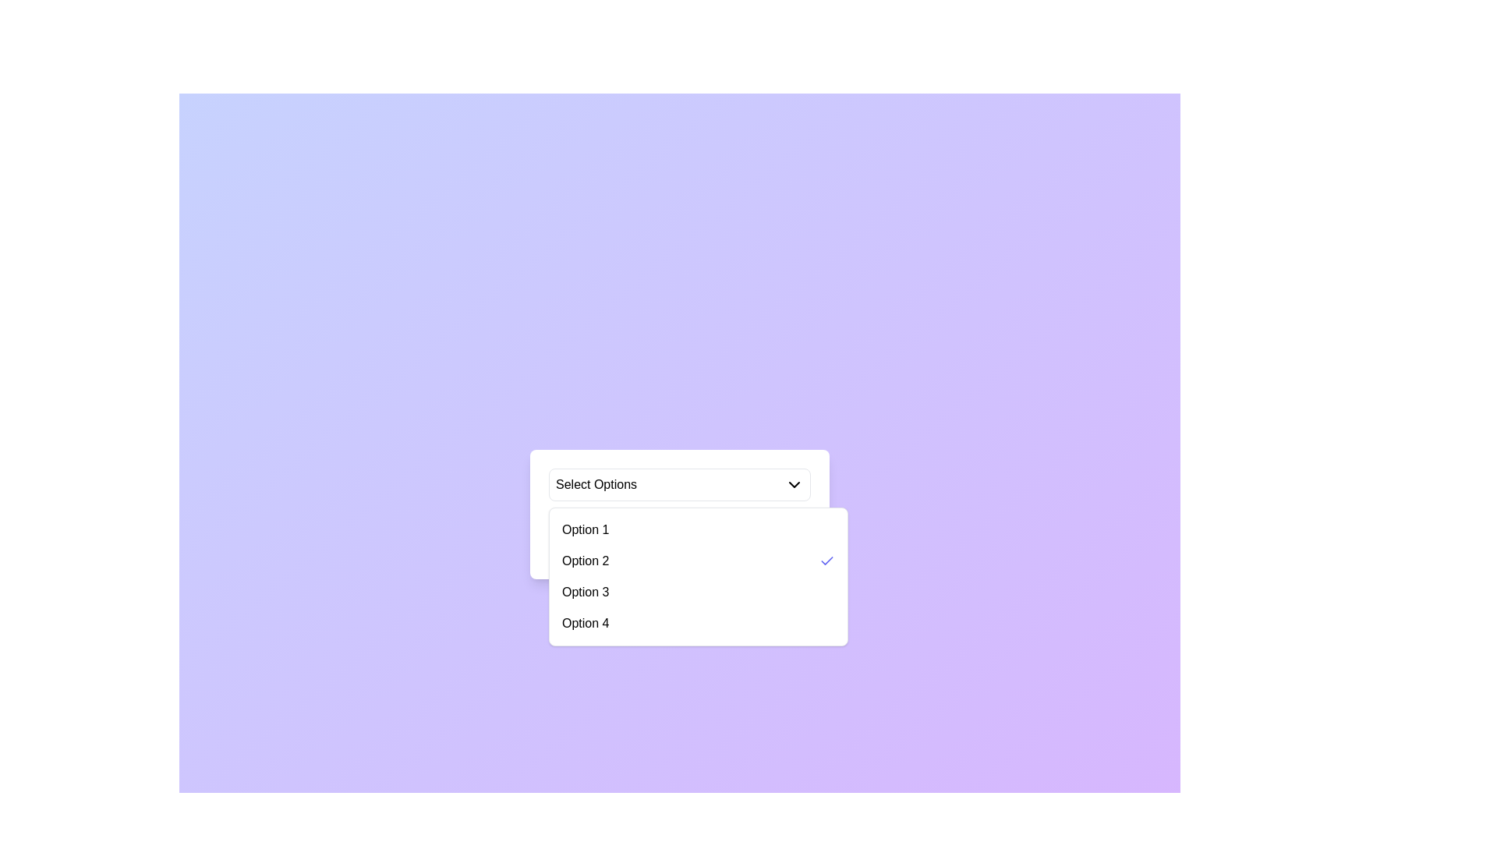 The height and width of the screenshot is (842, 1497). What do you see at coordinates (578, 547) in the screenshot?
I see `the second option in the dropdown menu labeled 'Select Options'` at bounding box center [578, 547].